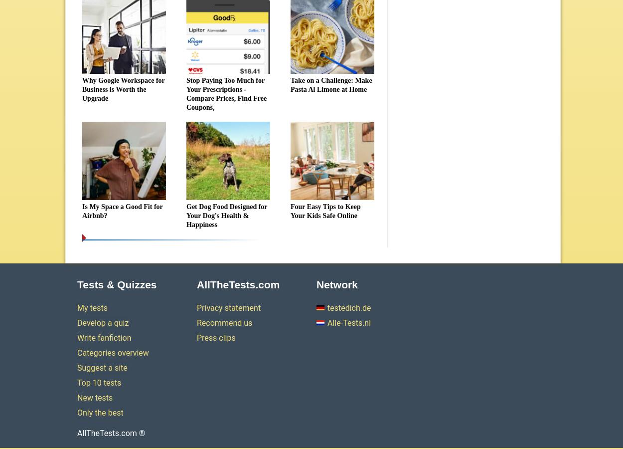  I want to click on 'New tests', so click(94, 398).